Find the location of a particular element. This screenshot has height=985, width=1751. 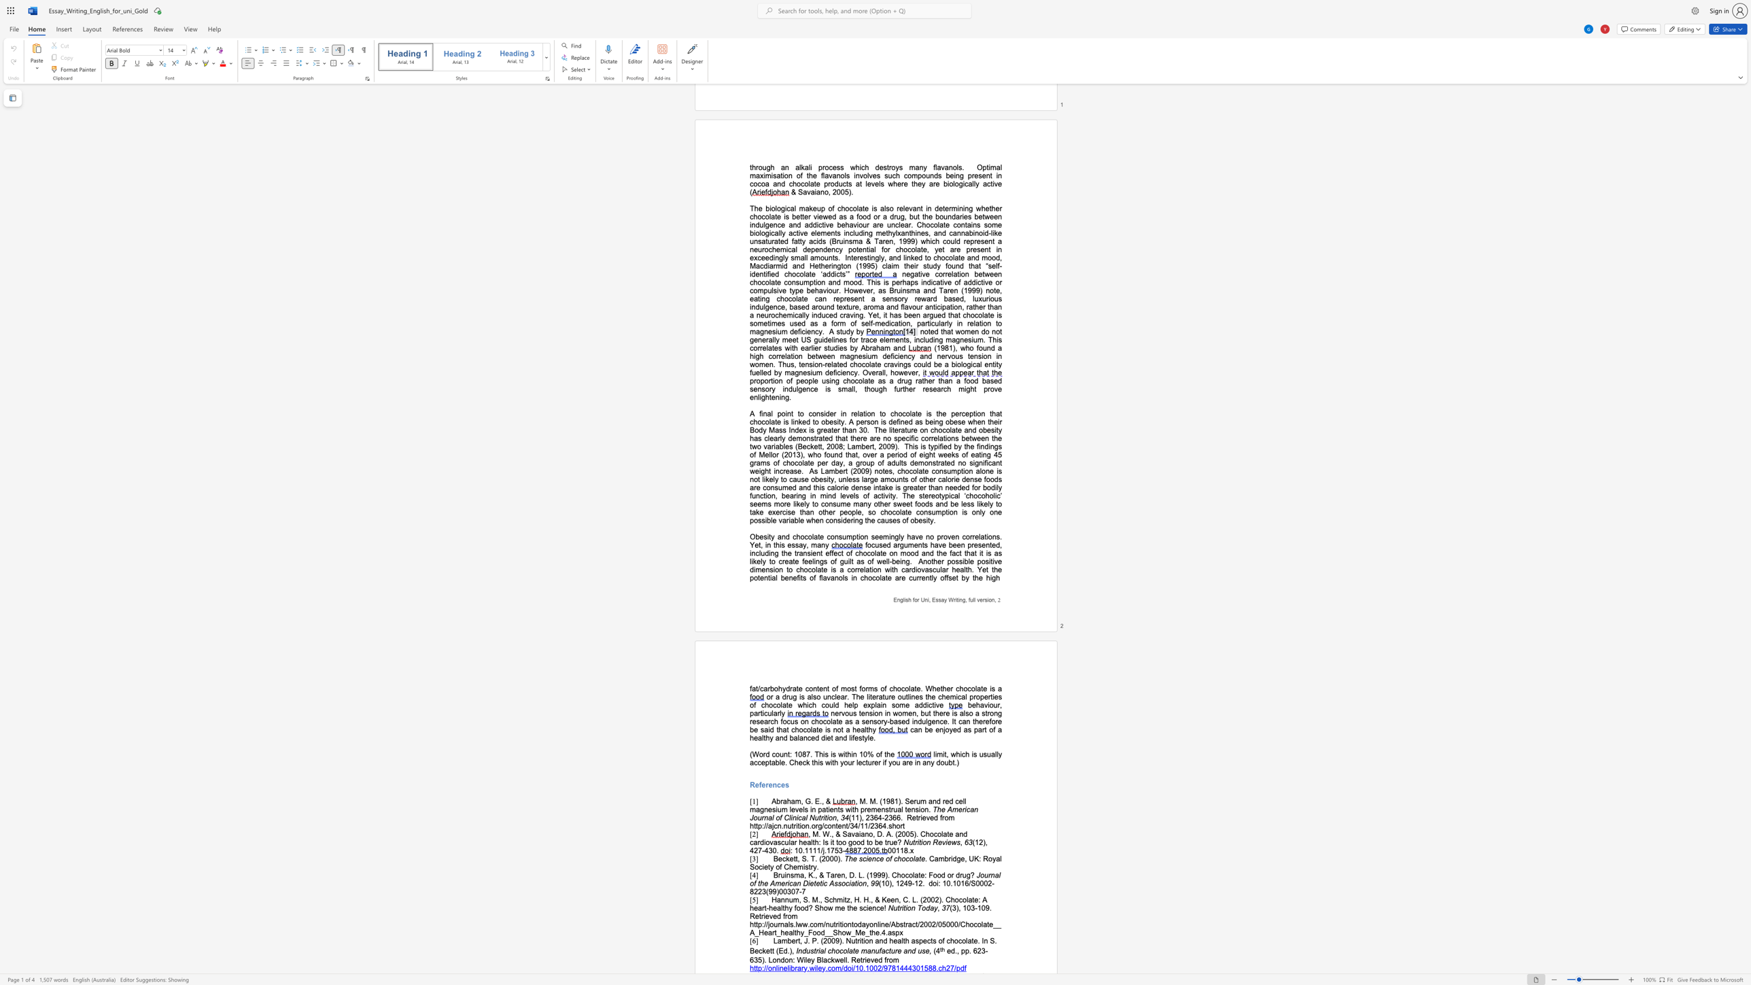

the subset text "your lecturer if you are in any do" within the text "limit, which is usually acceptable. Check this with your lecturer if you are in any doubt.)" is located at coordinates (839, 762).